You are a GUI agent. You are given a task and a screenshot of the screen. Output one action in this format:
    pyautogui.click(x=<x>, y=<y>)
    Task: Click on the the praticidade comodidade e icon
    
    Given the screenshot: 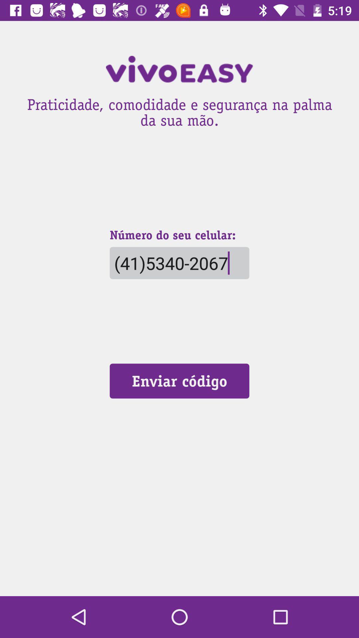 What is the action you would take?
    pyautogui.click(x=179, y=110)
    